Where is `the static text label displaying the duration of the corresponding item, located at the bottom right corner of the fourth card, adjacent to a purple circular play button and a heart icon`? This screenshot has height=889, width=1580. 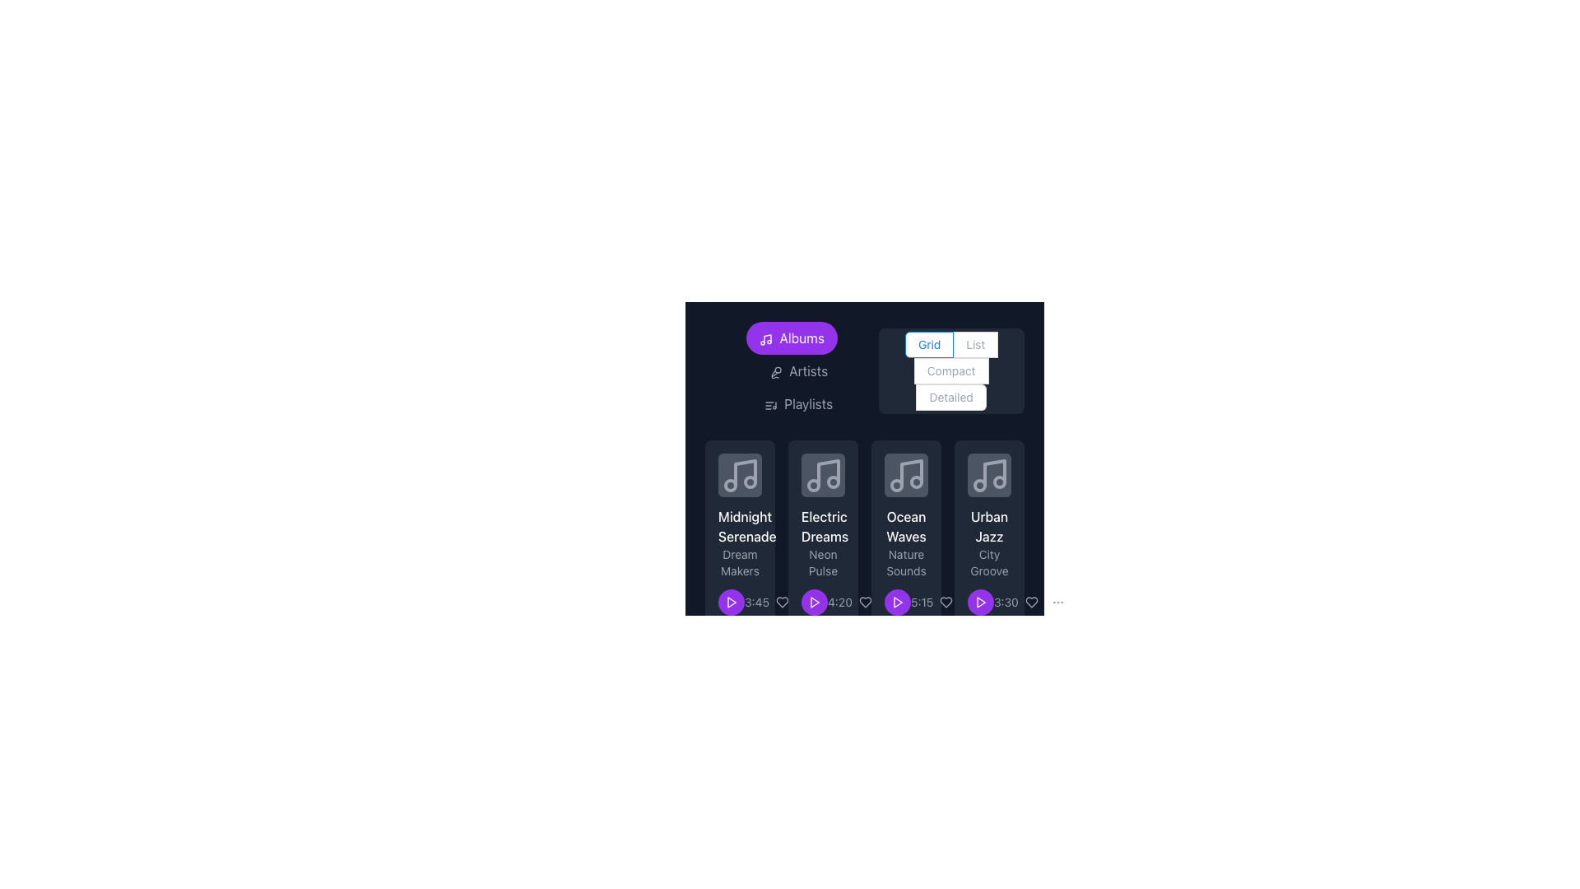
the static text label displaying the duration of the corresponding item, located at the bottom right corner of the fourth card, adjacent to a purple circular play button and a heart icon is located at coordinates (1005, 603).